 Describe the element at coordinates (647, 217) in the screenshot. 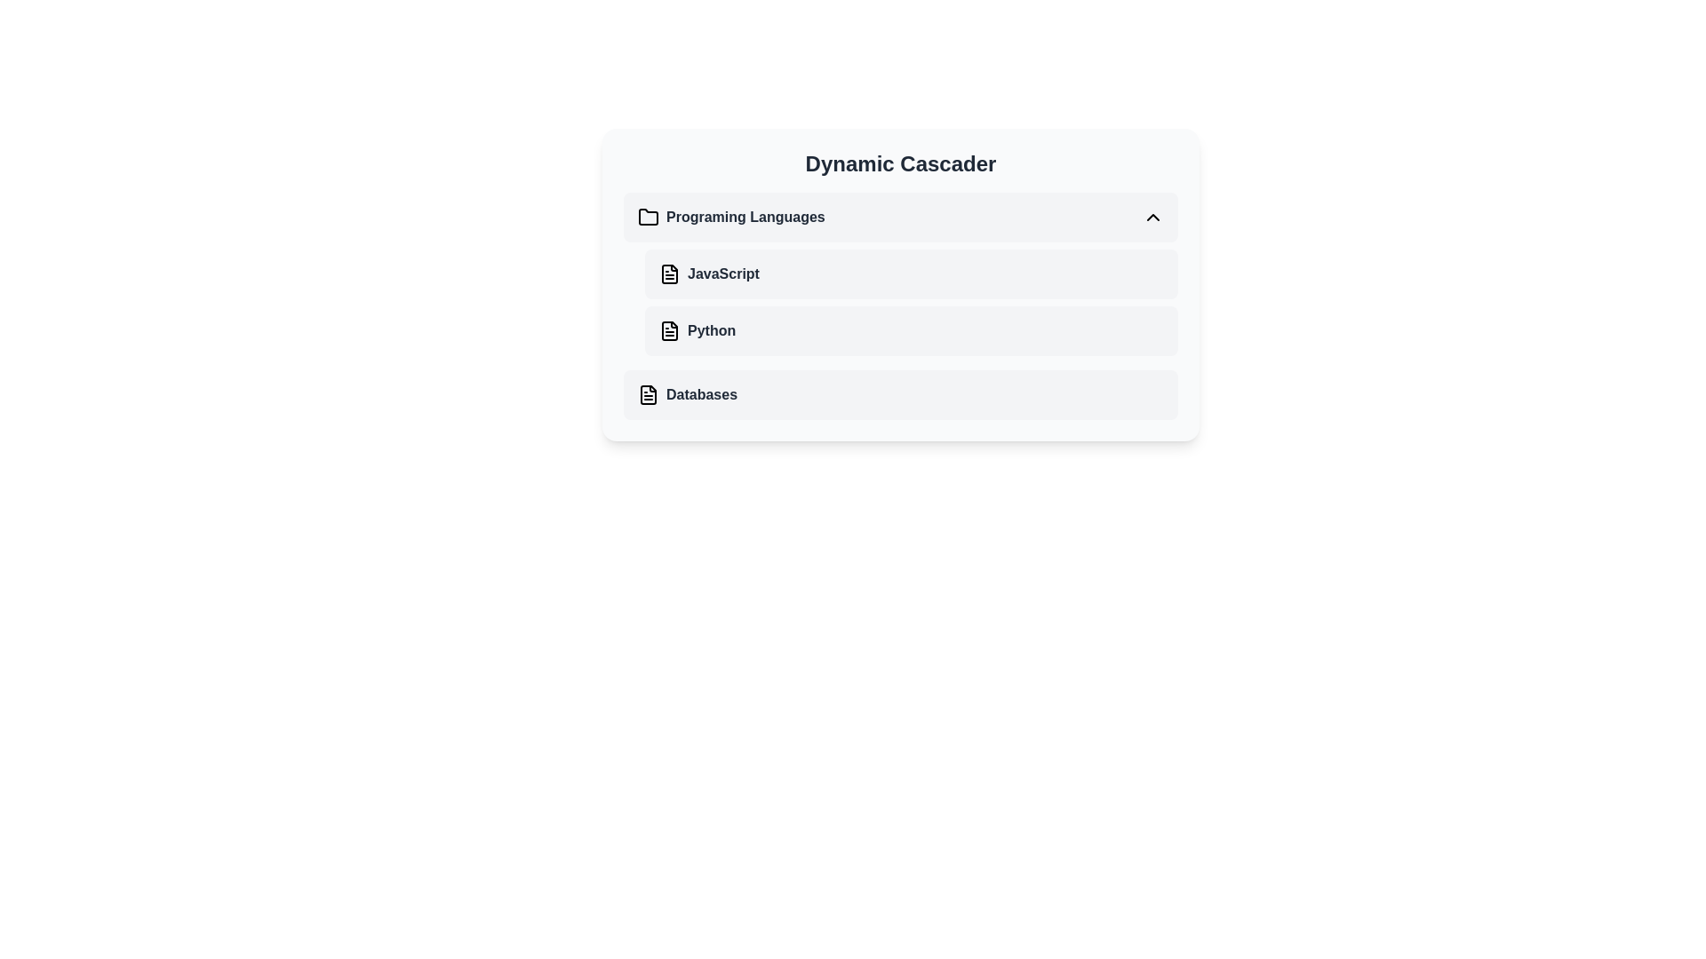

I see `the folder icon located to the left of the text 'Programming Languages'` at that location.